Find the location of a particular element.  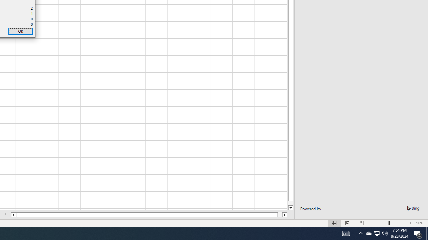

'Zoom' is located at coordinates (391, 223).